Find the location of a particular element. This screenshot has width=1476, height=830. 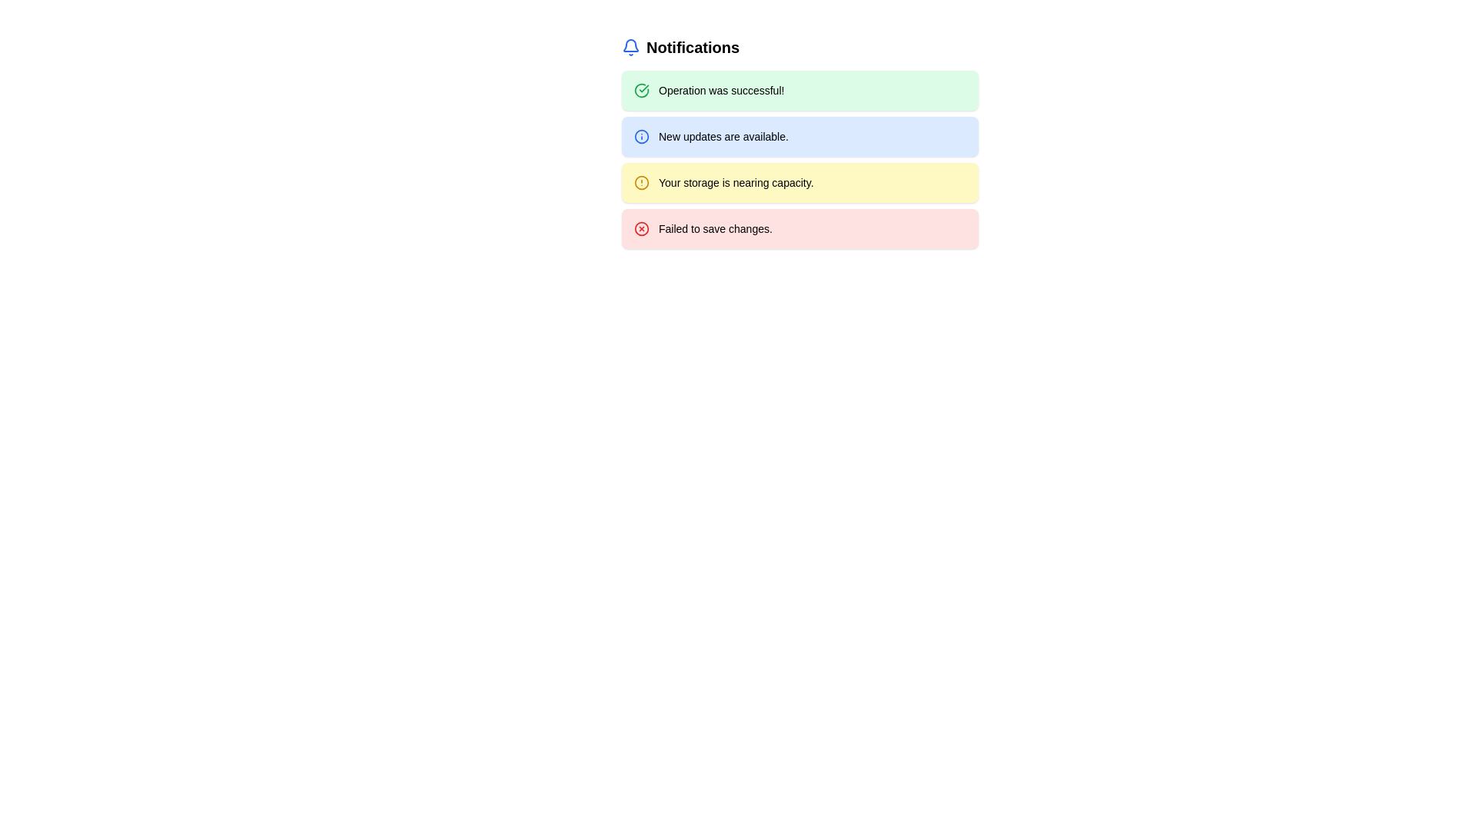

the Decorative Circle element, which is the circular border within the second notification icon from the top in the notification list, styled with a blue stroke is located at coordinates (642, 135).